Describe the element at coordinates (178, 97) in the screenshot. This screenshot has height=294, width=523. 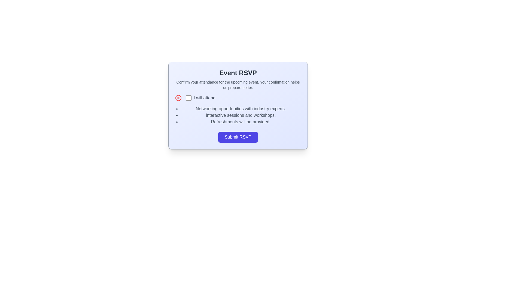
I see `the icon that indicates cancellation or error, located to the left of the 'I will attend' checkbox and text label` at that location.